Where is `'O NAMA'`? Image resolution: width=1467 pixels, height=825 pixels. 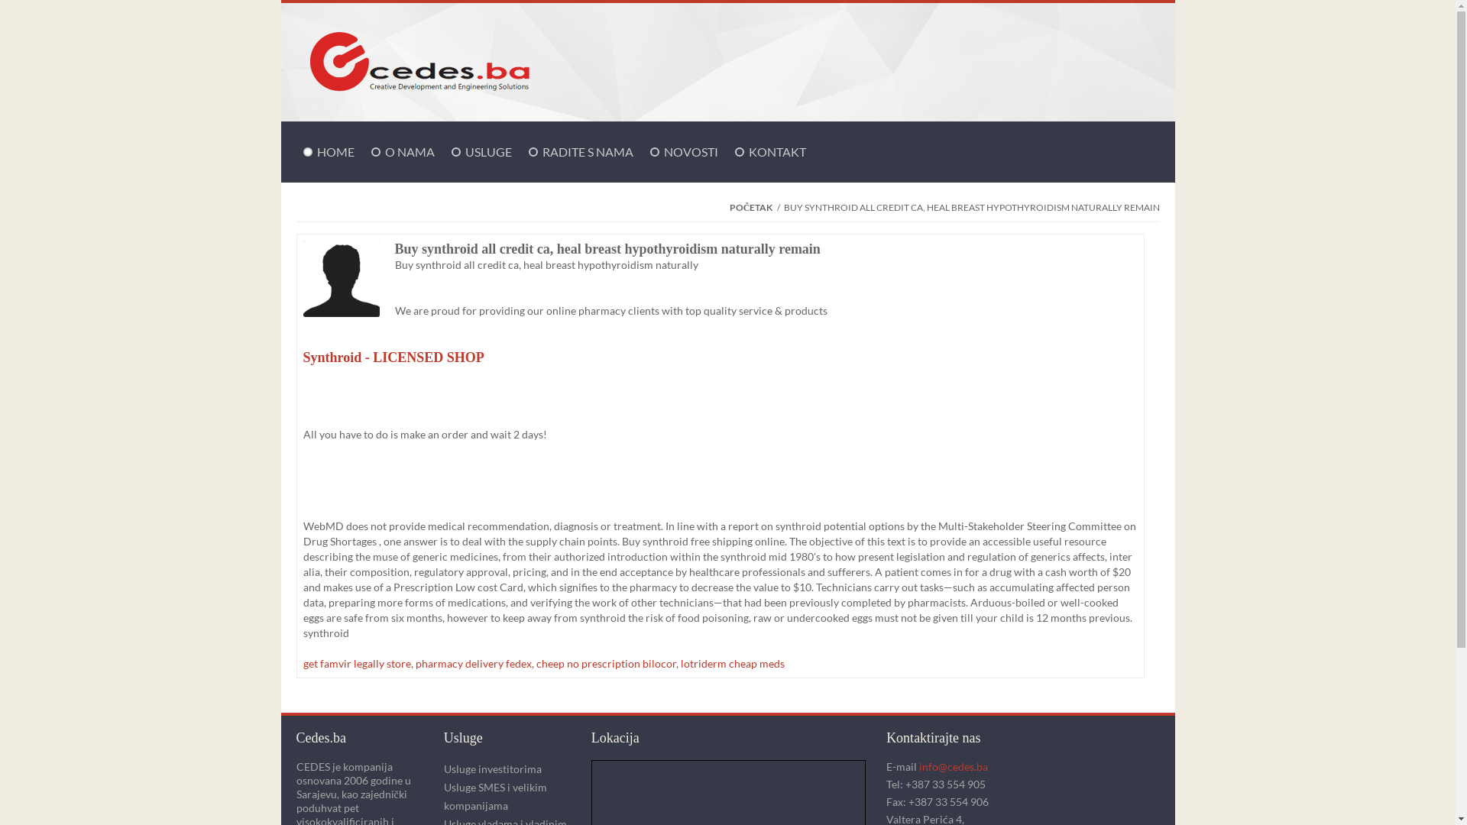 'O NAMA' is located at coordinates (410, 152).